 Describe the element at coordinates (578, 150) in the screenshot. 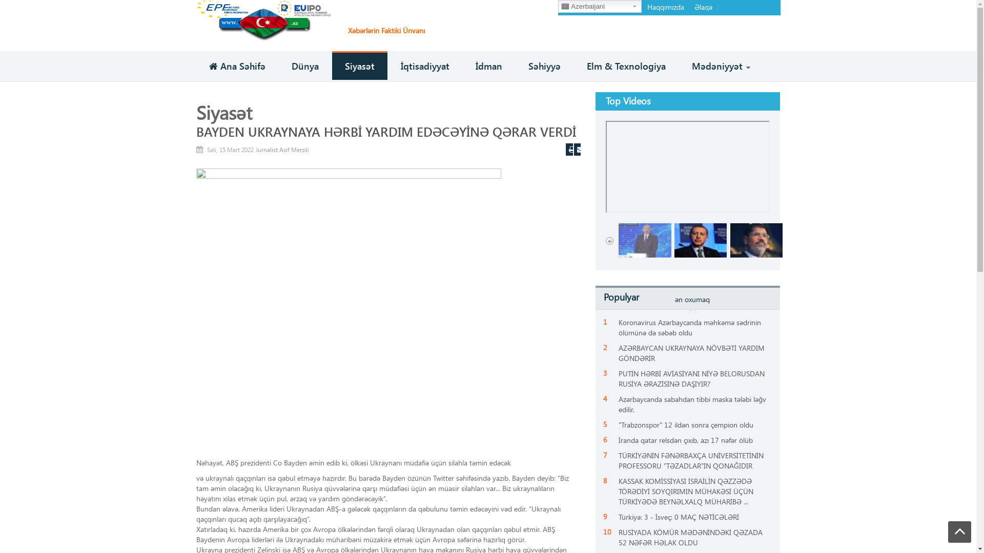

I see `'Email'` at that location.